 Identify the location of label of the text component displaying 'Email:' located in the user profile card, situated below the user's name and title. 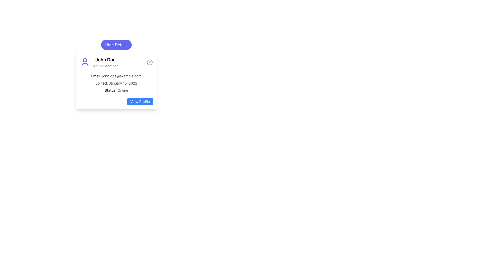
(96, 76).